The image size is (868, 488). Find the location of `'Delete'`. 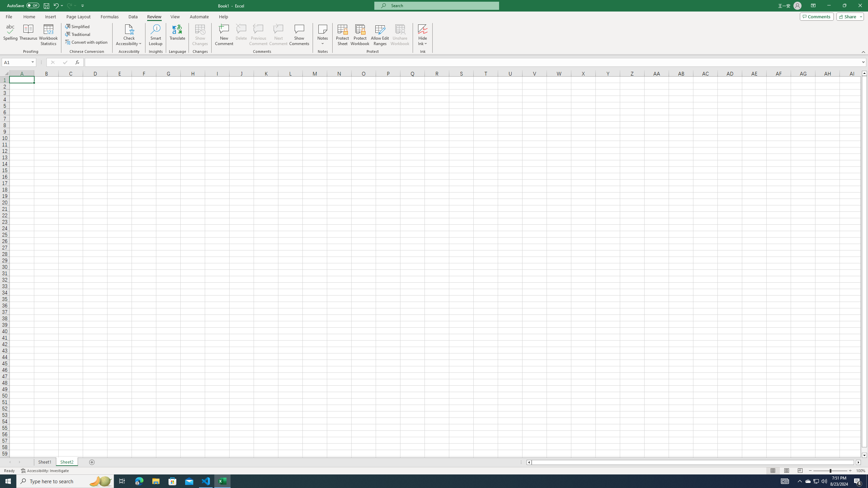

'Delete' is located at coordinates (241, 35).